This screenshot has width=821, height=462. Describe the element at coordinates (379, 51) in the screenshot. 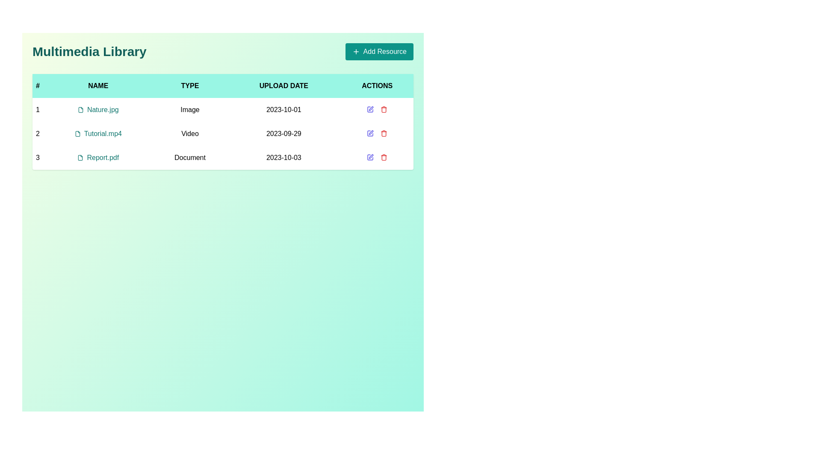

I see `the 'Add Resource' button, which has a teal background, white text, and a '+' icon` at that location.